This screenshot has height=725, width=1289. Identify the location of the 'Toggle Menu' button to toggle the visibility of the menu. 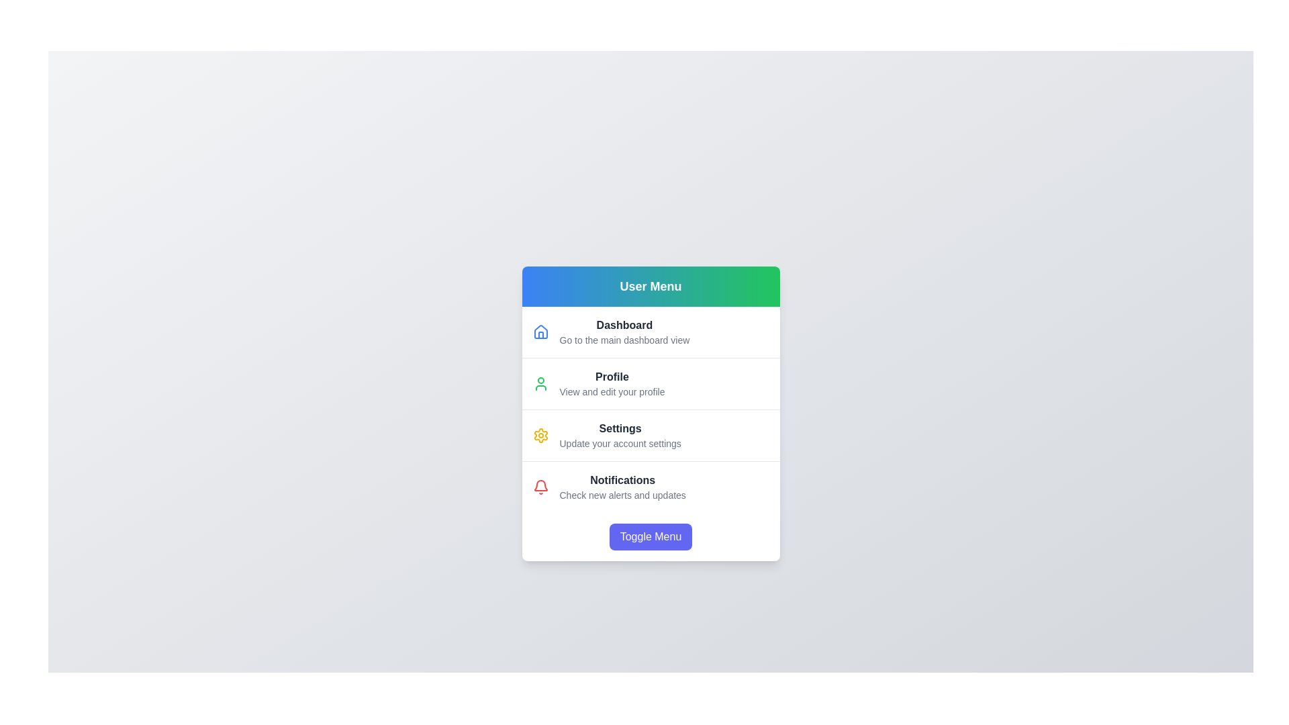
(651, 536).